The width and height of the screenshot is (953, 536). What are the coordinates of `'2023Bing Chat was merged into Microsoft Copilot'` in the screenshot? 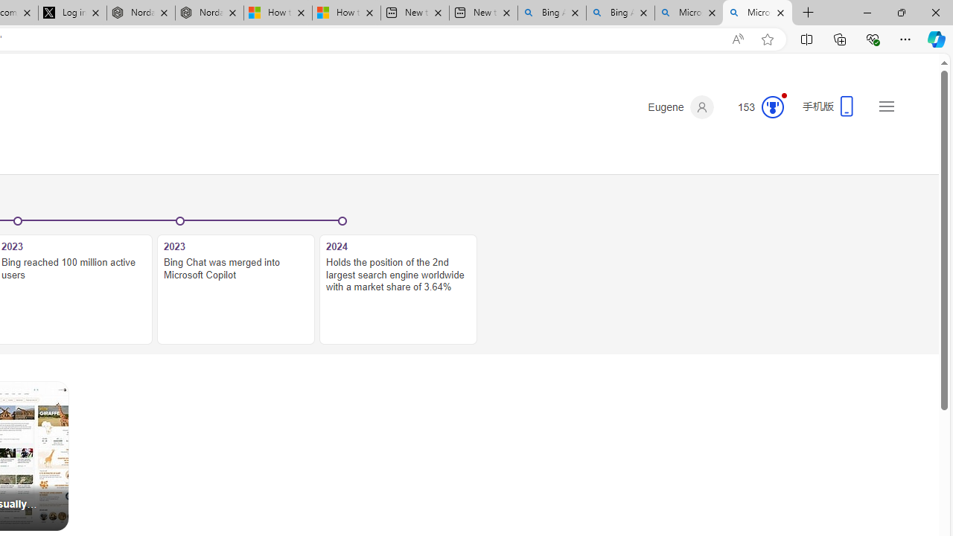 It's located at (235, 281).